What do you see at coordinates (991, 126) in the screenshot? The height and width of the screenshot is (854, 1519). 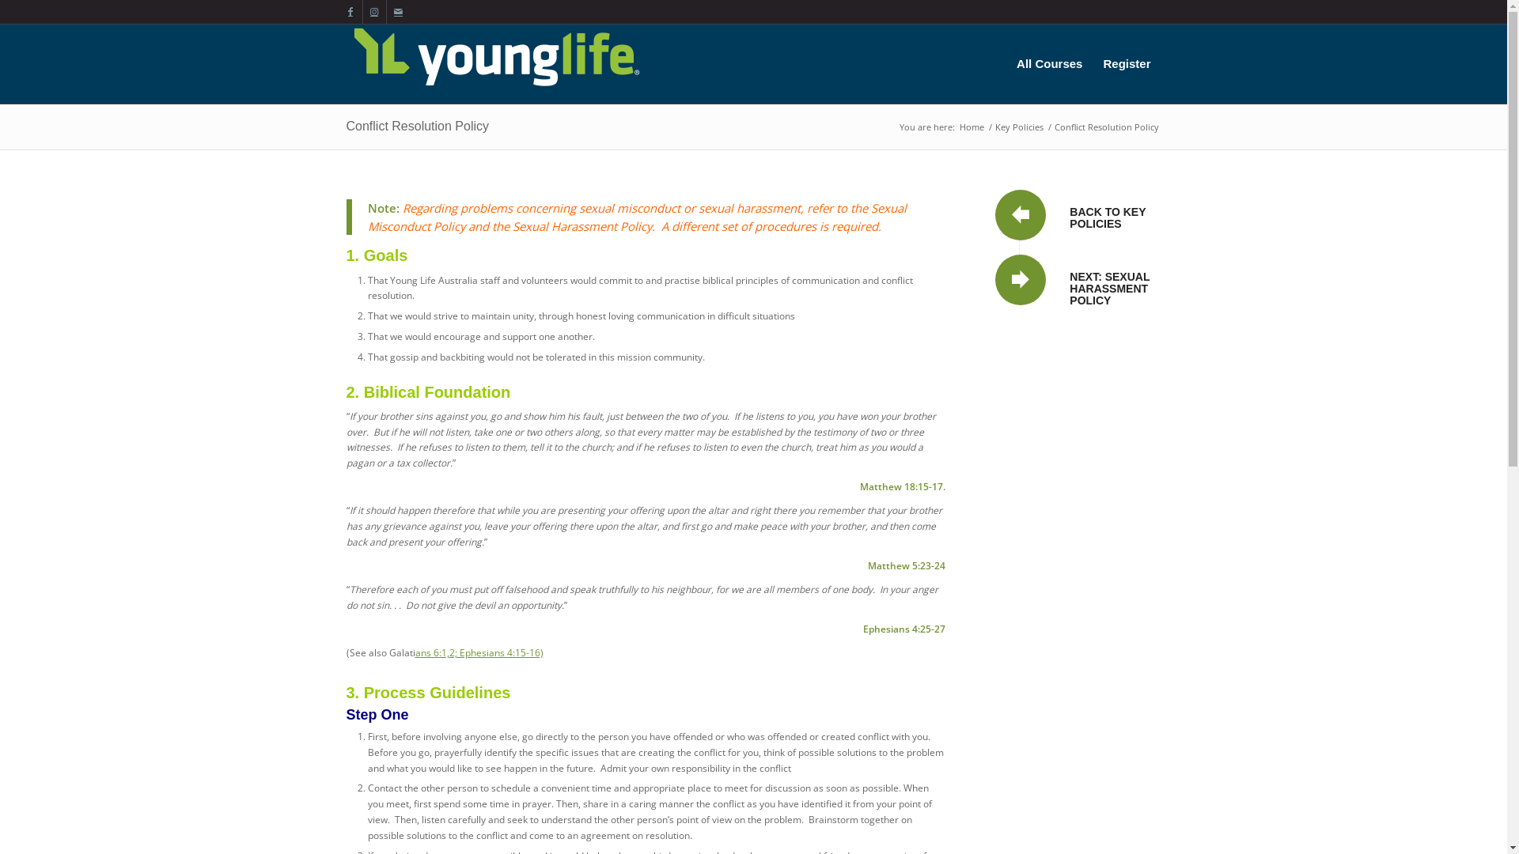 I see `'Key Policies'` at bounding box center [991, 126].